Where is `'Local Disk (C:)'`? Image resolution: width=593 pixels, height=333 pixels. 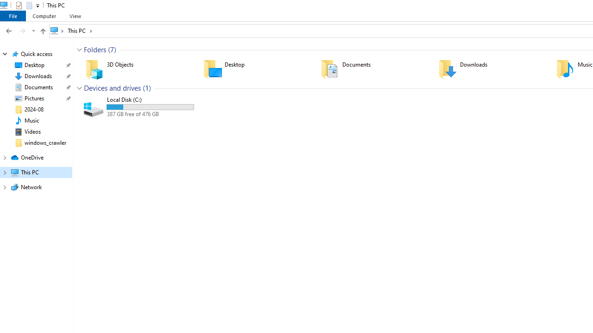
'Local Disk (C:)' is located at coordinates (138, 106).